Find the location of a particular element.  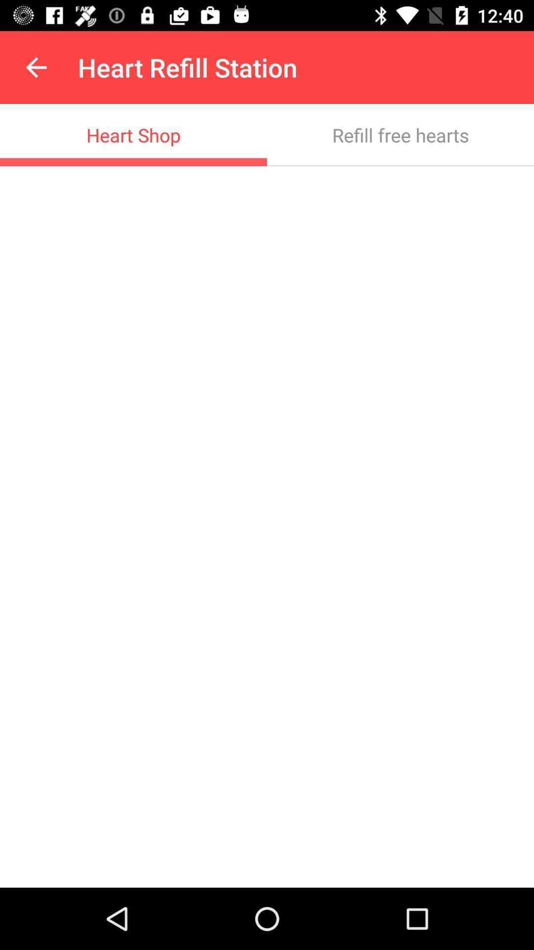

item to the left of the refill free hearts is located at coordinates (133, 135).